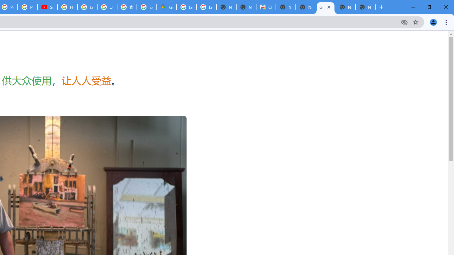 The image size is (454, 255). I want to click on 'Chrome Web Store', so click(266, 7).